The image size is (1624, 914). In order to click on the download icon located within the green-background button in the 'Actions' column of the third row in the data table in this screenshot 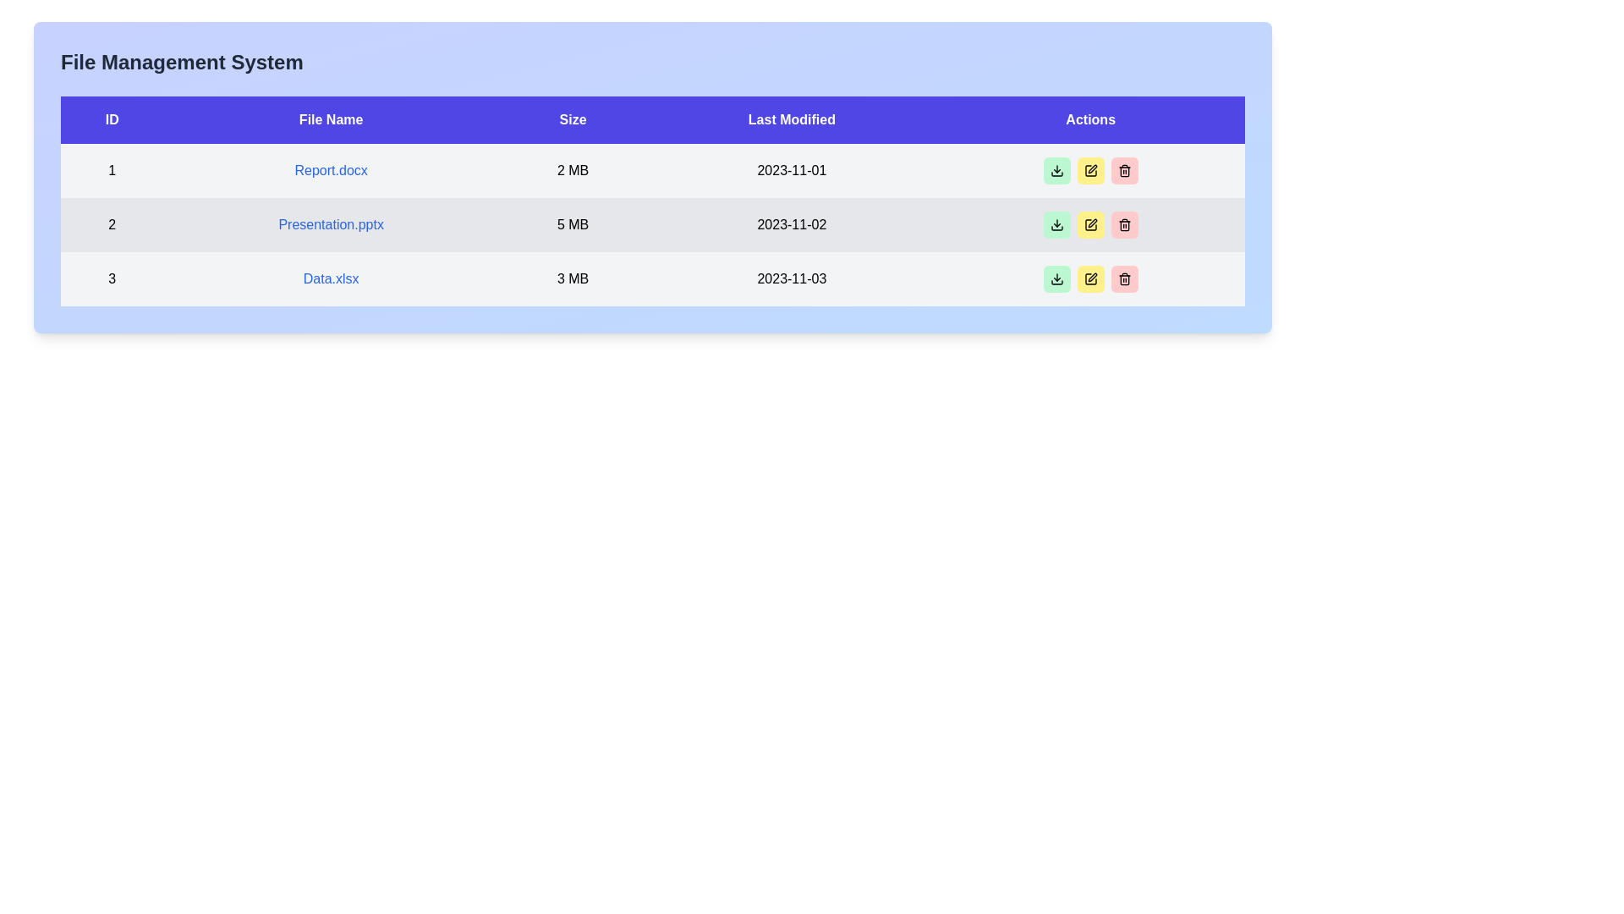, I will do `click(1056, 278)`.